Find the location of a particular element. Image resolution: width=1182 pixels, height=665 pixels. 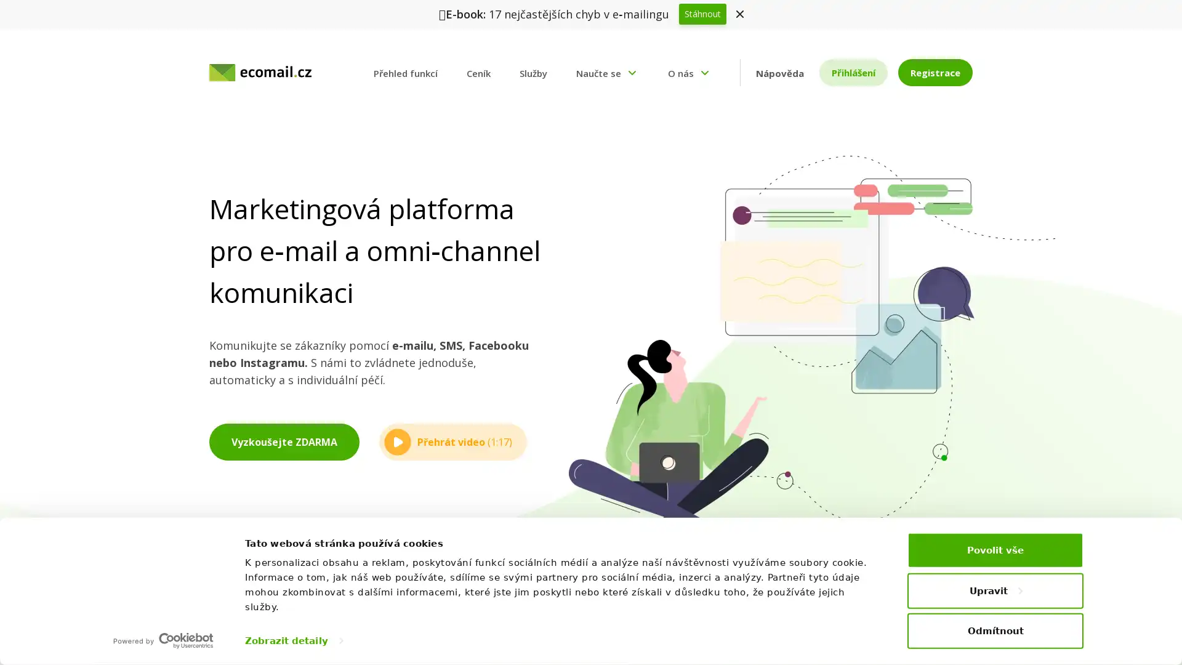

Open Intercom Messenger is located at coordinates (1151, 634).